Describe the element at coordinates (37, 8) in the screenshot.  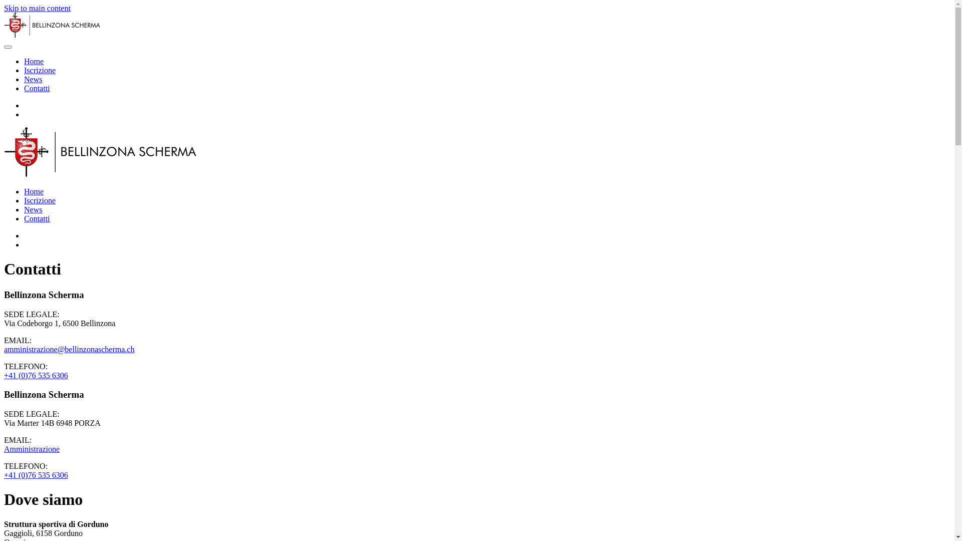
I see `'Skip to main content'` at that location.